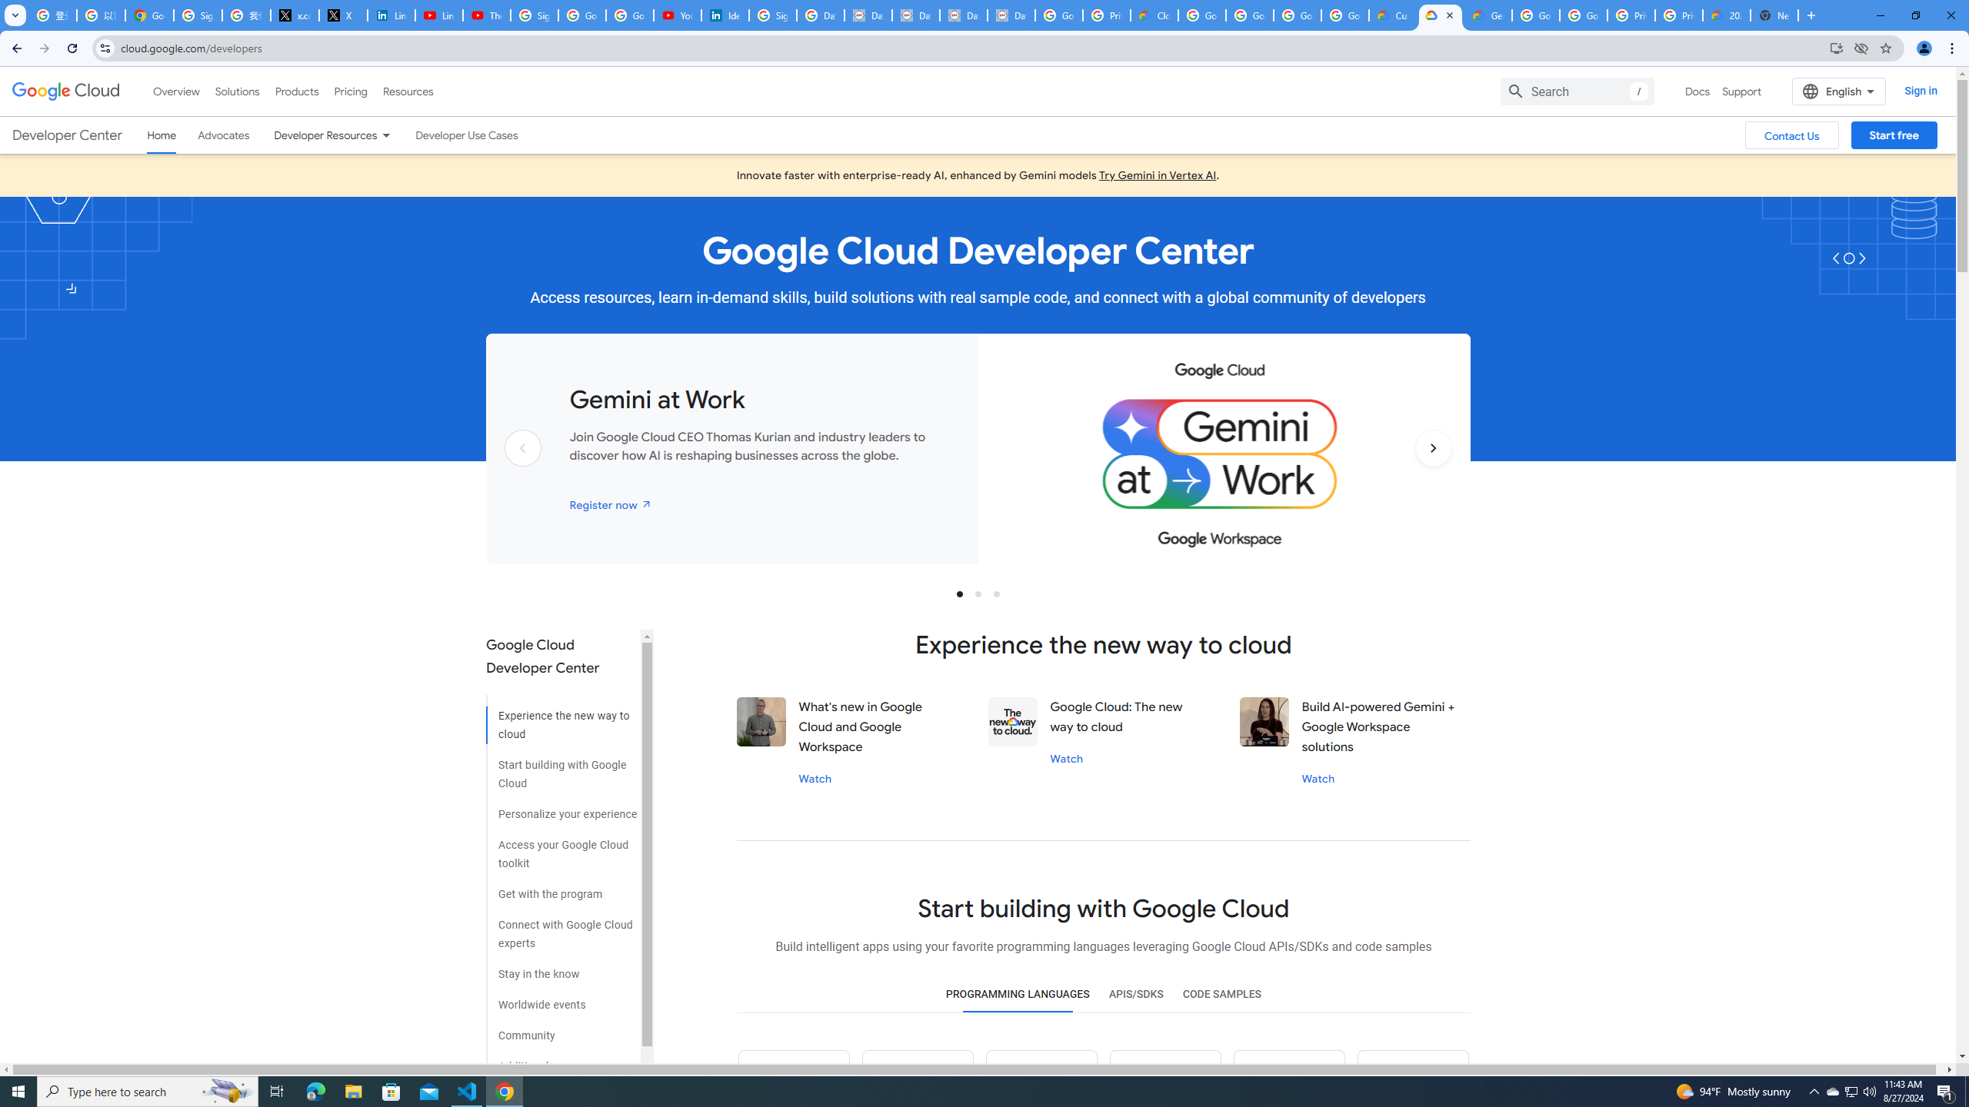 The width and height of the screenshot is (1969, 1107). Describe the element at coordinates (1838, 91) in the screenshot. I see `'English'` at that location.